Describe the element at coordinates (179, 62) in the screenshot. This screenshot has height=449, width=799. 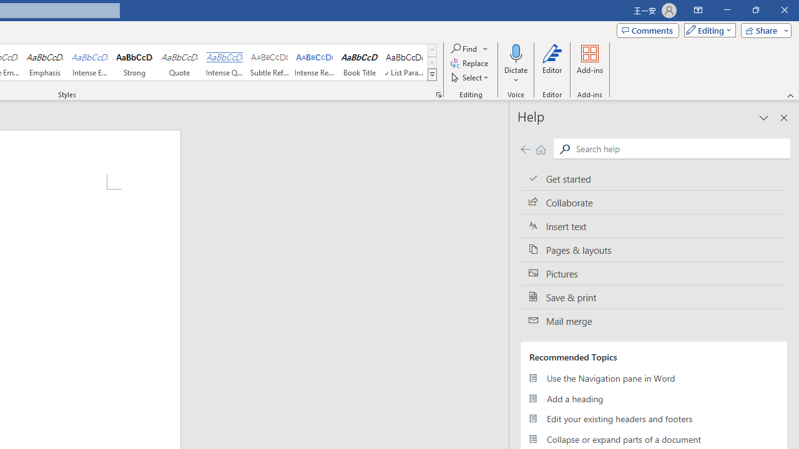
I see `'Quote'` at that location.